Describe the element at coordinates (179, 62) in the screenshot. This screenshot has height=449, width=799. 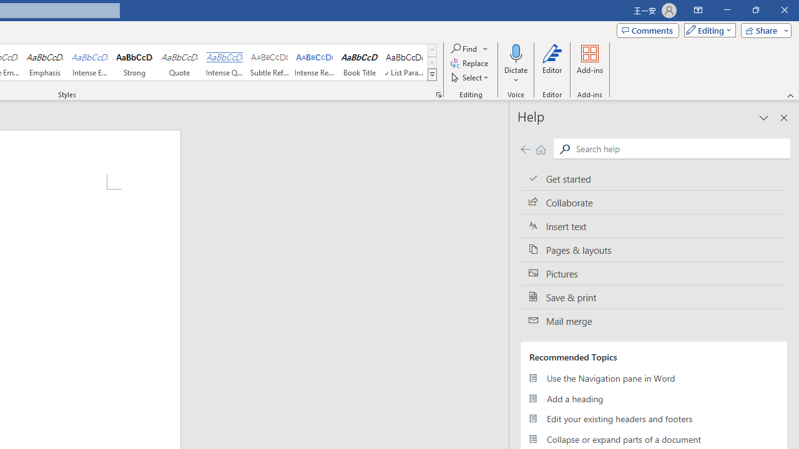
I see `'Quote'` at that location.